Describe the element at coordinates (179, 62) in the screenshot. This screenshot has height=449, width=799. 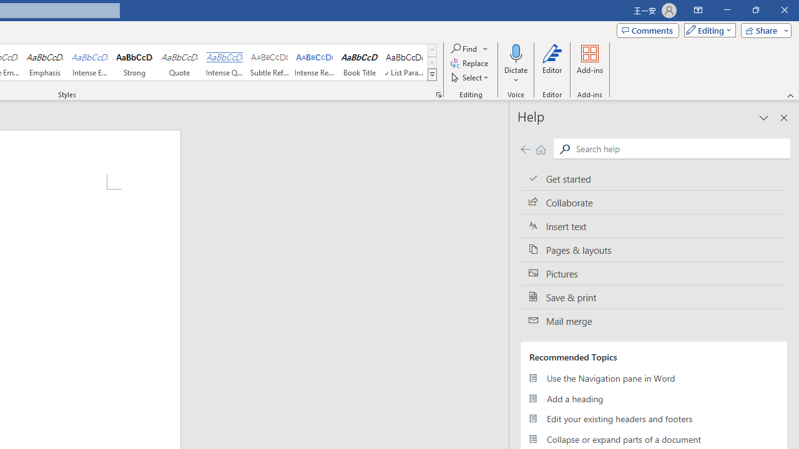
I see `'Quote'` at that location.